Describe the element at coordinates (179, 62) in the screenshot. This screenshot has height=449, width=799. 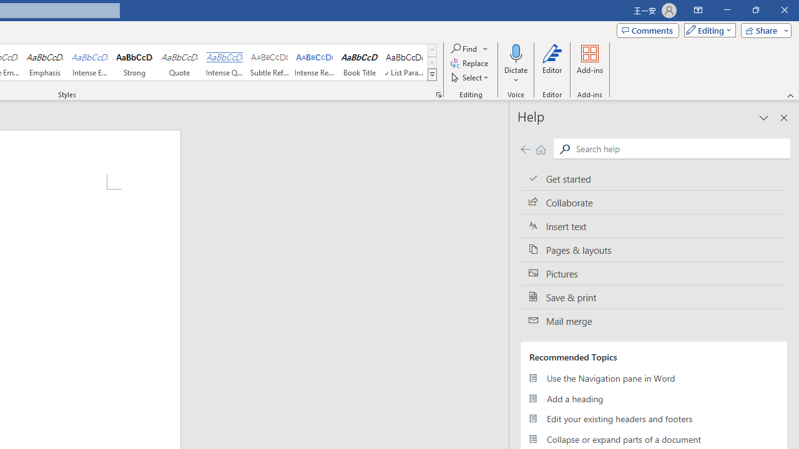
I see `'Quote'` at that location.